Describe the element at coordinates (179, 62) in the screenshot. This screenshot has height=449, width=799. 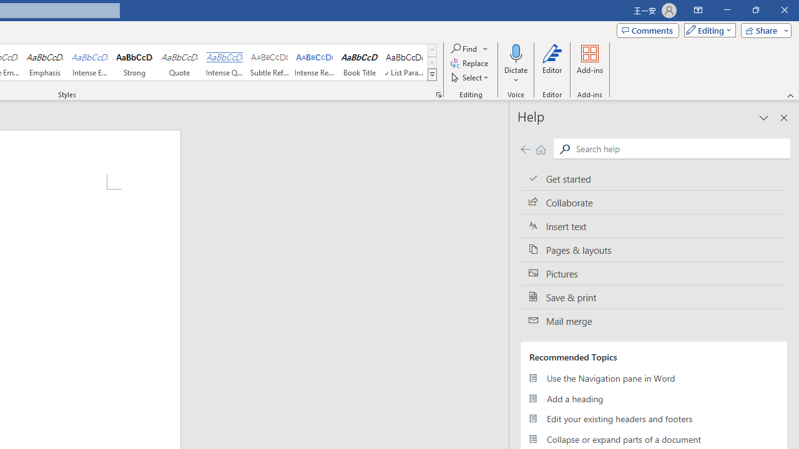
I see `'Quote'` at that location.